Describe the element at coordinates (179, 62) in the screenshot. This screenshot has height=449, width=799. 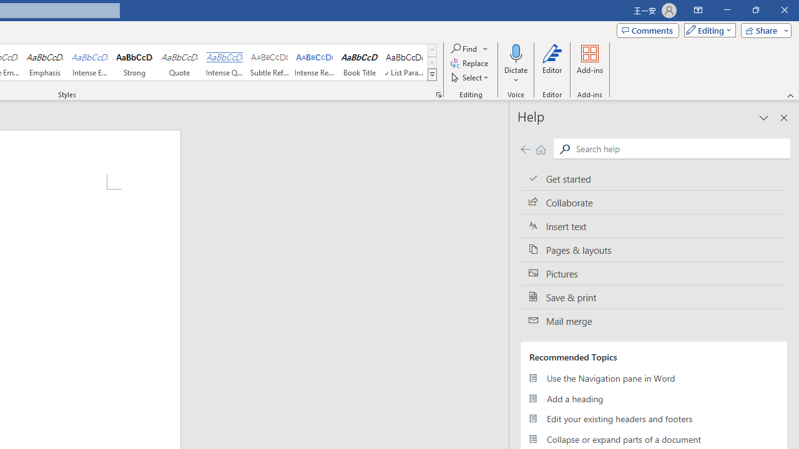
I see `'Quote'` at that location.